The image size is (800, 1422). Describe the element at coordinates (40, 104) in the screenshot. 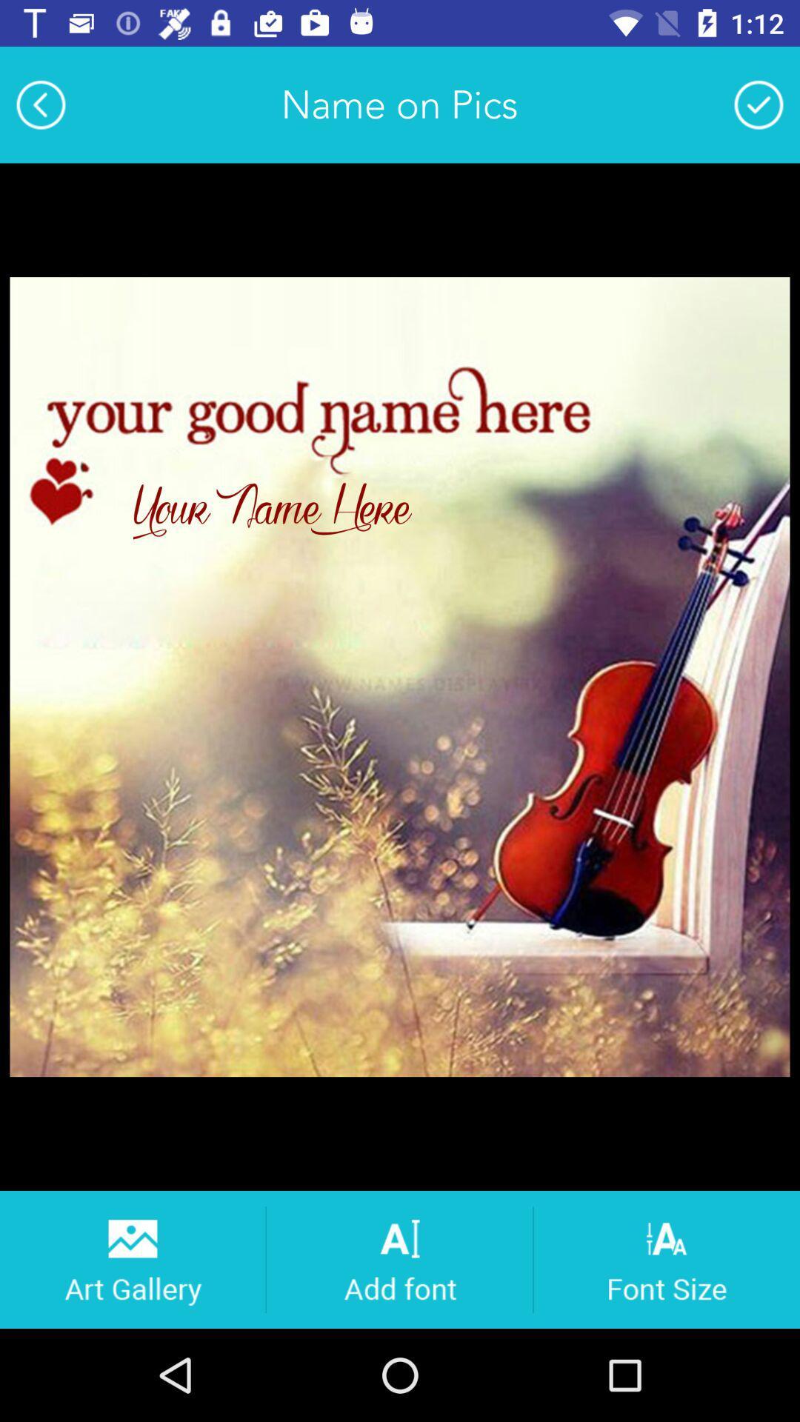

I see `item to the left of name on pics icon` at that location.